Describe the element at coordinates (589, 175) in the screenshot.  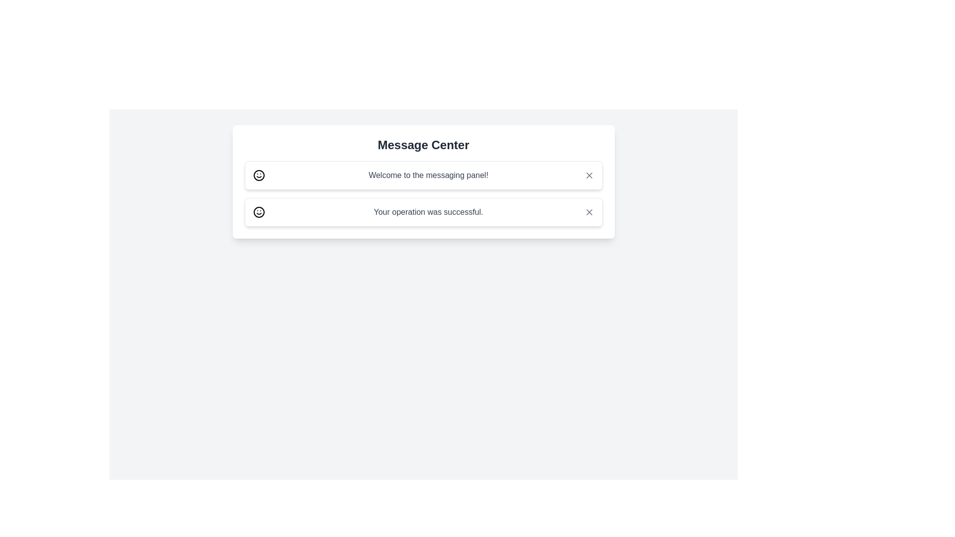
I see `the small 'X' icon button located in the top right corner of the message box that says 'Welcome to the messaging panel!'` at that location.